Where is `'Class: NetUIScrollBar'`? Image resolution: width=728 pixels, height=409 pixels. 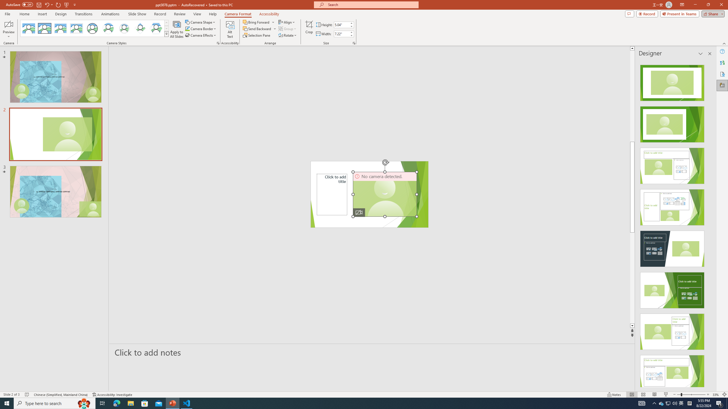 'Class: NetUIScrollBar' is located at coordinates (709, 223).